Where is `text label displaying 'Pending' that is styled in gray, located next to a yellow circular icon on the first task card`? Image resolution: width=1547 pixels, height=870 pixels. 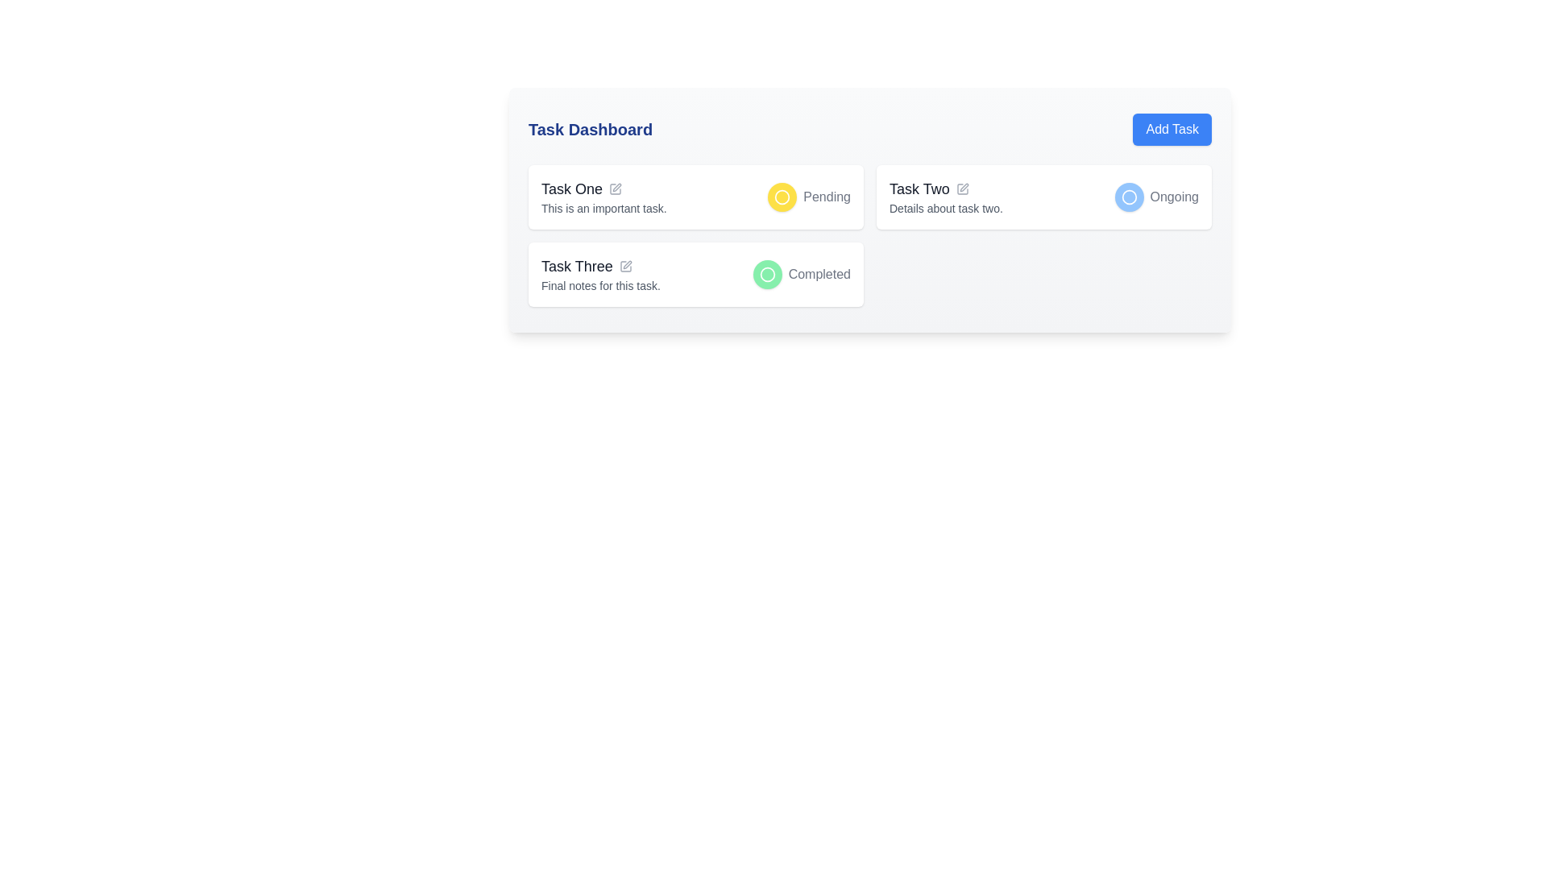
text label displaying 'Pending' that is styled in gray, located next to a yellow circular icon on the first task card is located at coordinates (827, 197).